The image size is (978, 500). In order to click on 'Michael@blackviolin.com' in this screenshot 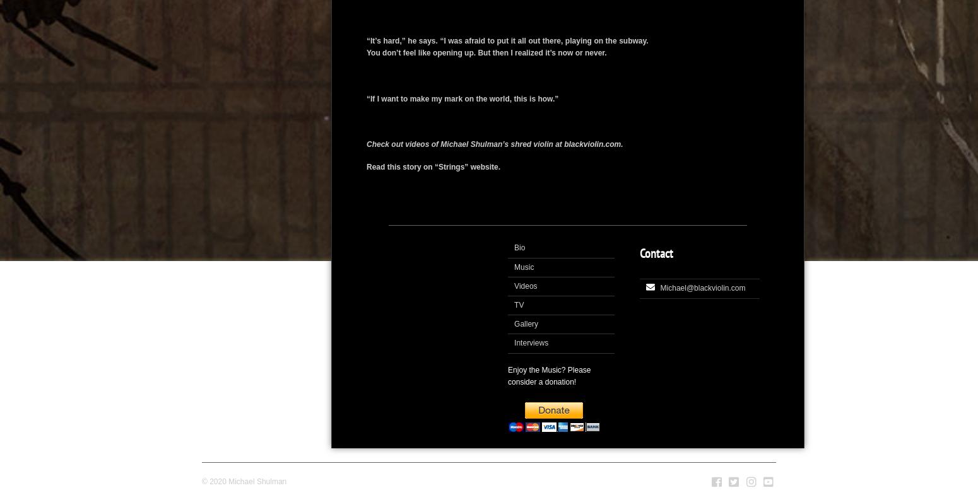, I will do `click(702, 288)`.